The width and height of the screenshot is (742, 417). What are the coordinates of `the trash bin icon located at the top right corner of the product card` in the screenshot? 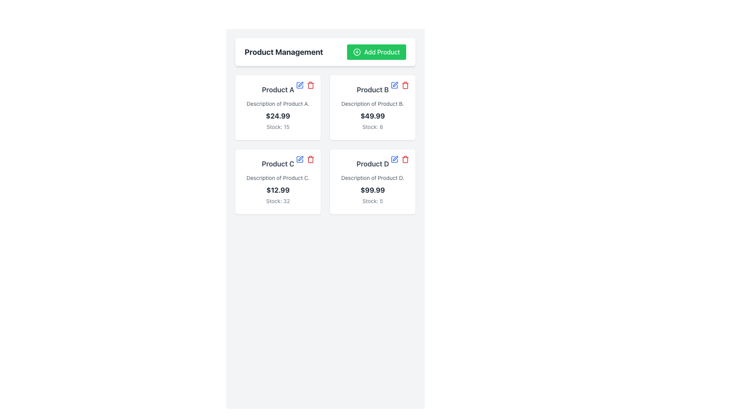 It's located at (405, 159).